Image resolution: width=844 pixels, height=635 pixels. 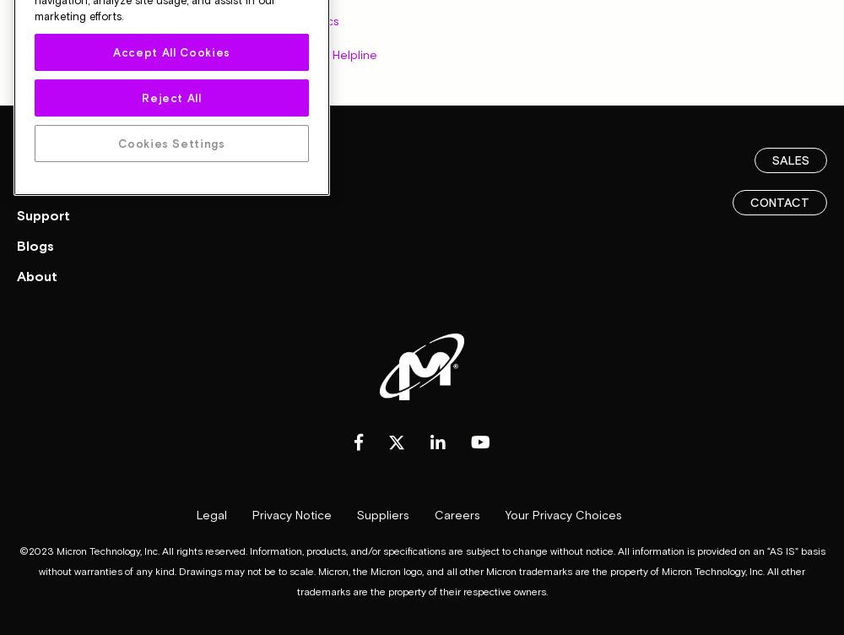 What do you see at coordinates (564, 513) in the screenshot?
I see `'Your Privacy Choices'` at bounding box center [564, 513].